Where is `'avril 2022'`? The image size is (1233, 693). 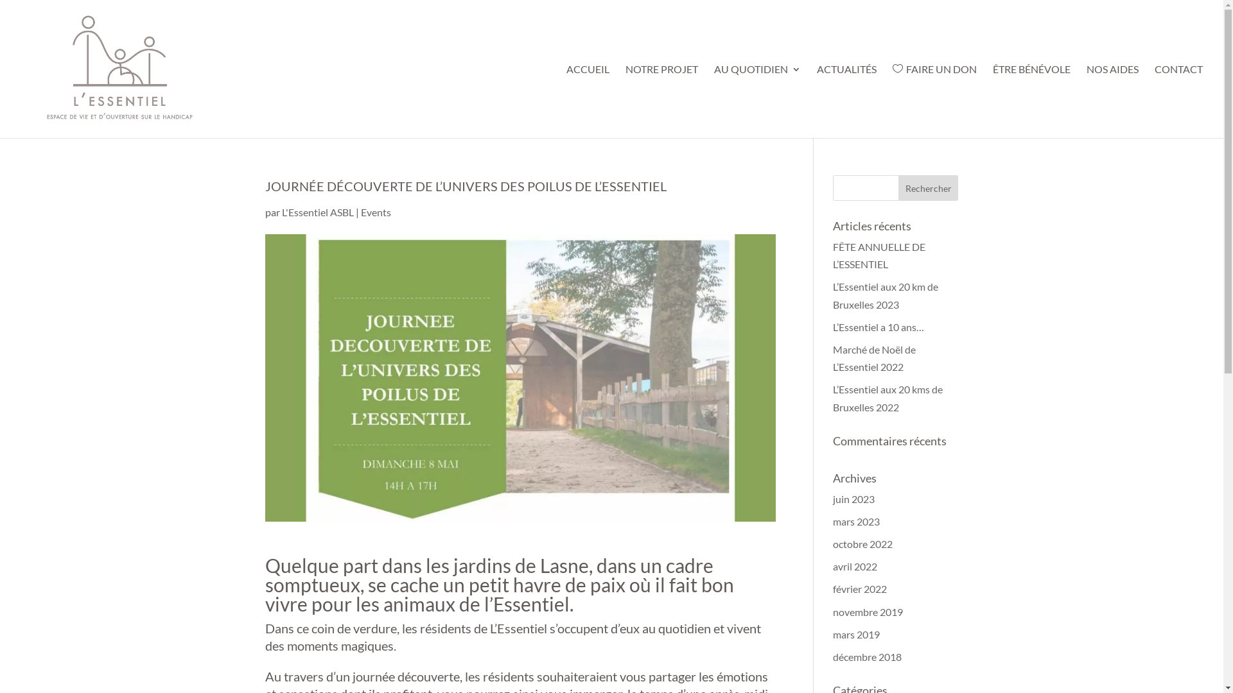 'avril 2022' is located at coordinates (855, 565).